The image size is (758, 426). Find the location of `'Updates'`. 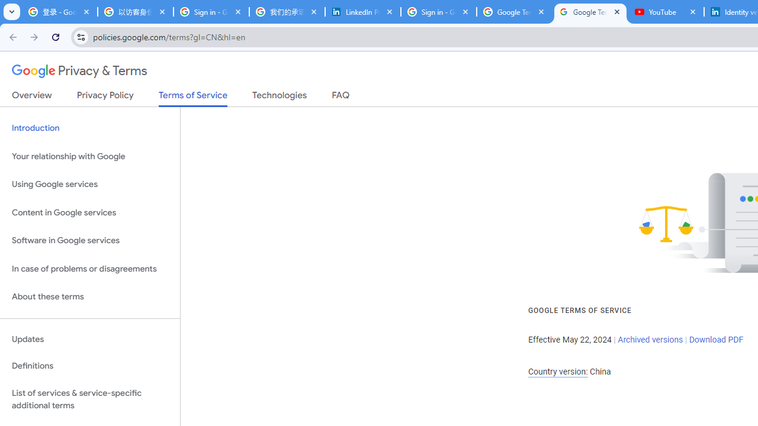

'Updates' is located at coordinates (89, 339).